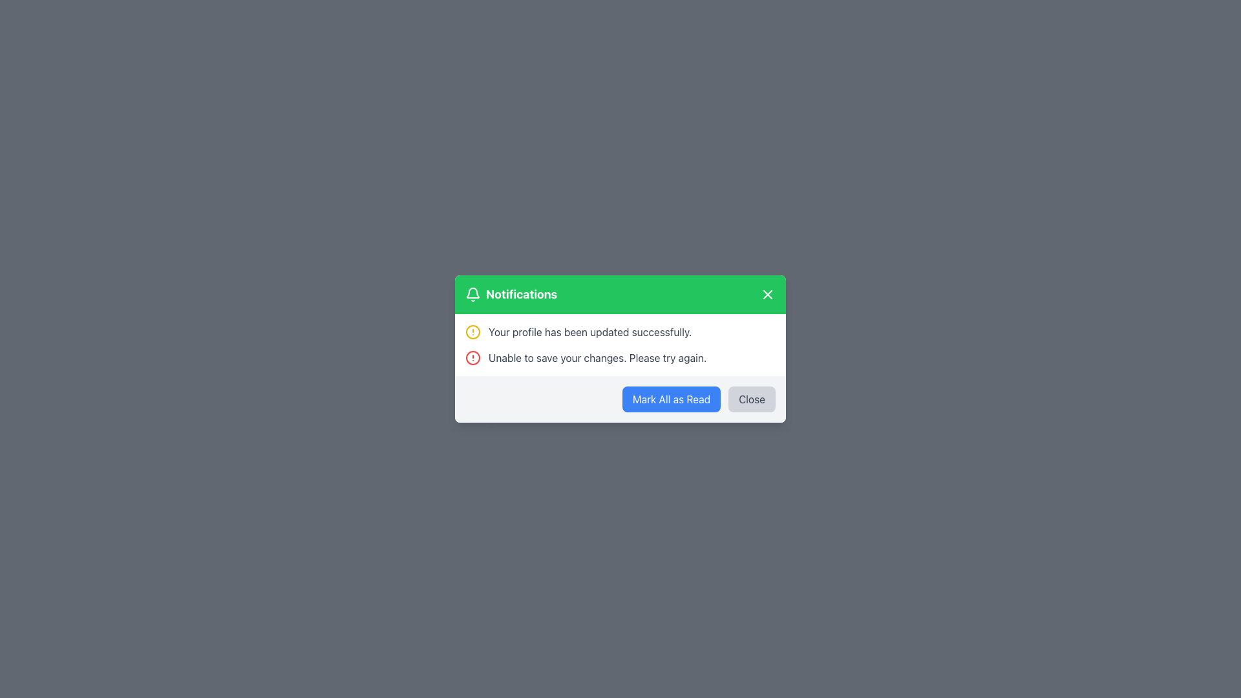  Describe the element at coordinates (752, 398) in the screenshot. I see `the 'Close' button located in the bottom-right of the notification modal to close the notification modal` at that location.